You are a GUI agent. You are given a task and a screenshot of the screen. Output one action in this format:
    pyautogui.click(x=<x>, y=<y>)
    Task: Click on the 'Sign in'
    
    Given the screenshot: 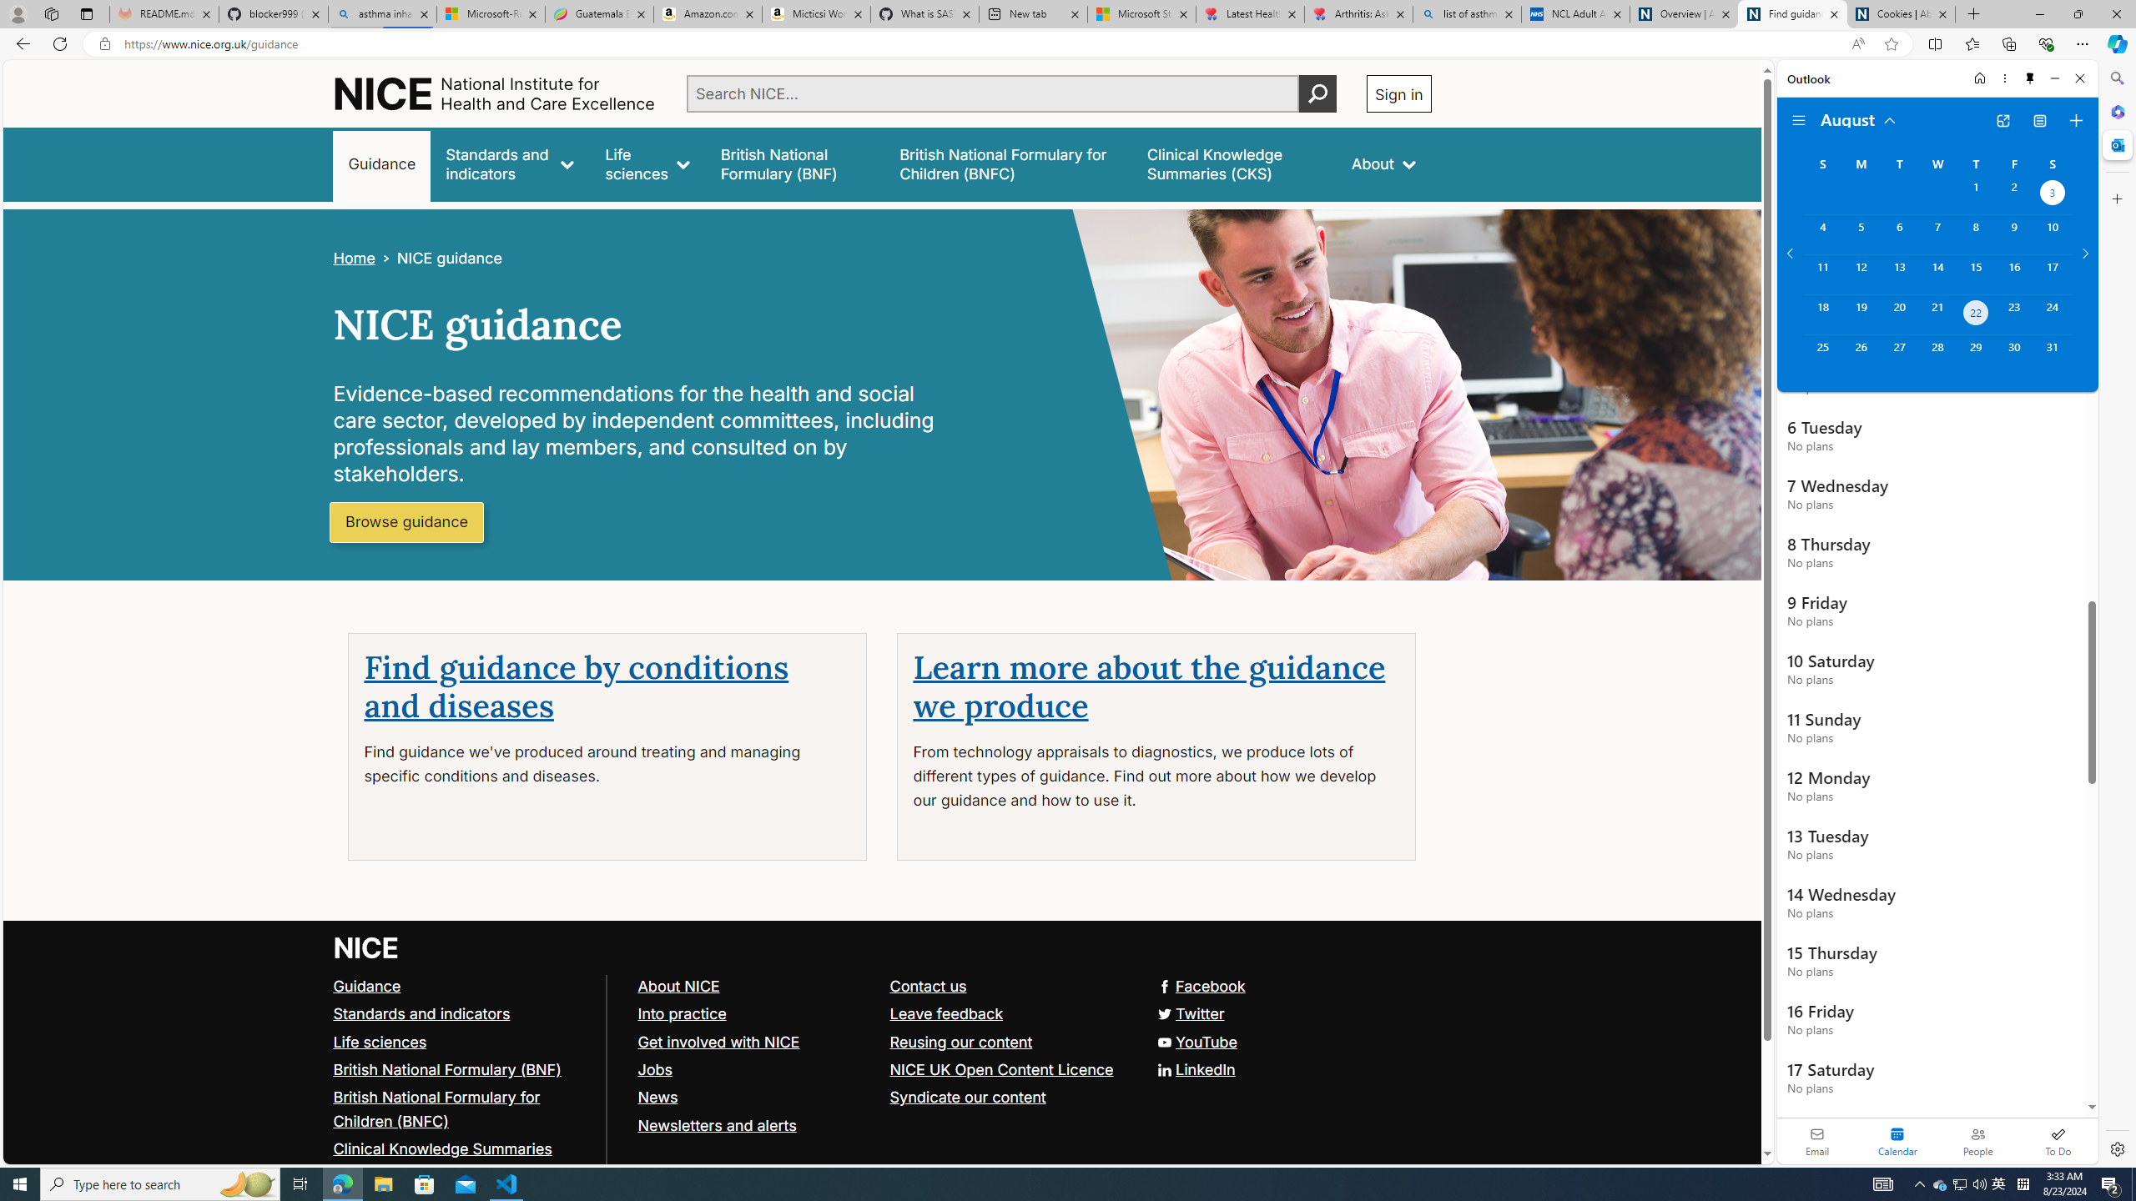 What is the action you would take?
    pyautogui.click(x=1398, y=93)
    